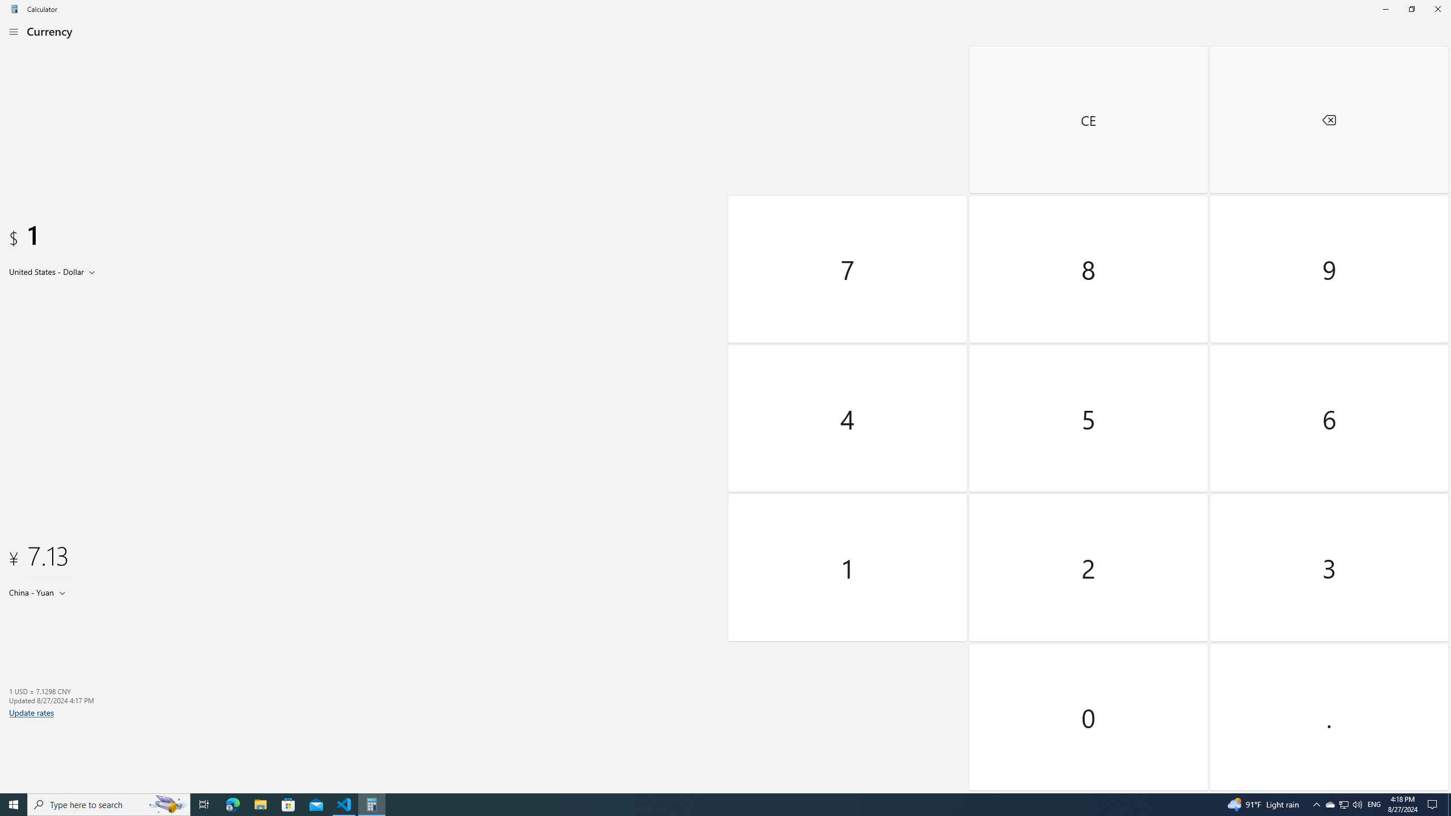 The height and width of the screenshot is (816, 1451). Describe the element at coordinates (32, 712) in the screenshot. I see `'Update rates'` at that location.